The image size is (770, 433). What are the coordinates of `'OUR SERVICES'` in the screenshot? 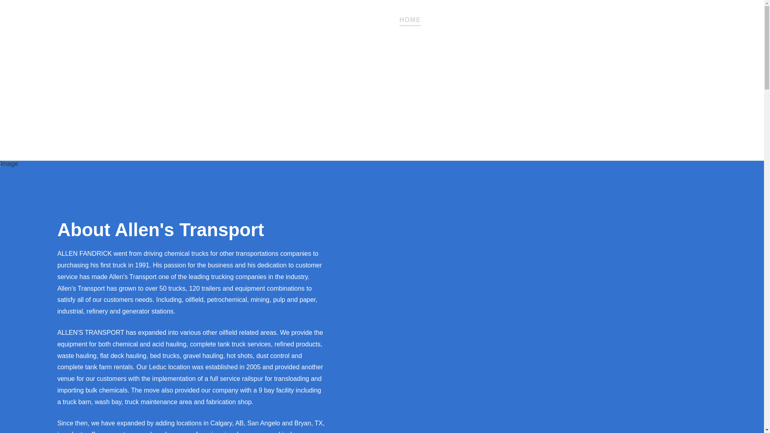 It's located at (426, 18).